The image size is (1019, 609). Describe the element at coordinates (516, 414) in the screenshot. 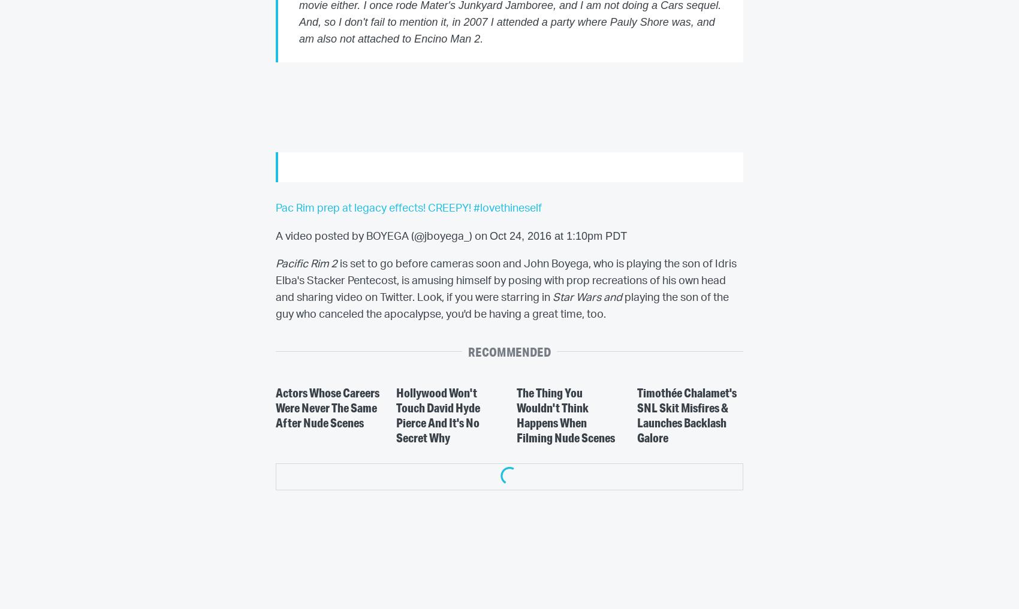

I see `'The Thing You Wouldn't Think Happens When Filming Nude Scenes'` at that location.